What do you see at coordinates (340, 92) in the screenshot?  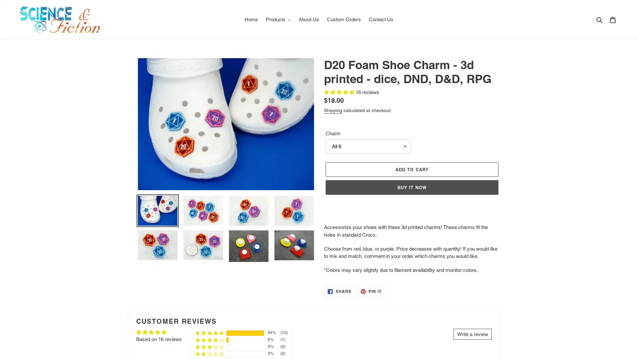 I see `4.94 stars` at bounding box center [340, 92].